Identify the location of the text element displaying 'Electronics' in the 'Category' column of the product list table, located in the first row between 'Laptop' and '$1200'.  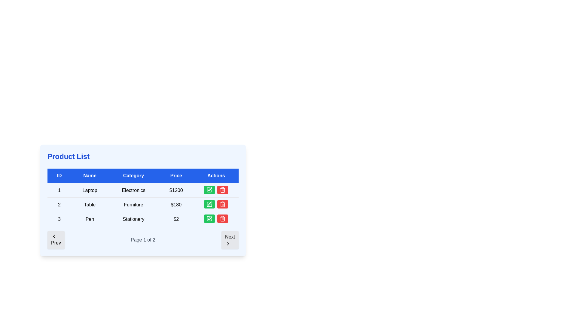
(133, 190).